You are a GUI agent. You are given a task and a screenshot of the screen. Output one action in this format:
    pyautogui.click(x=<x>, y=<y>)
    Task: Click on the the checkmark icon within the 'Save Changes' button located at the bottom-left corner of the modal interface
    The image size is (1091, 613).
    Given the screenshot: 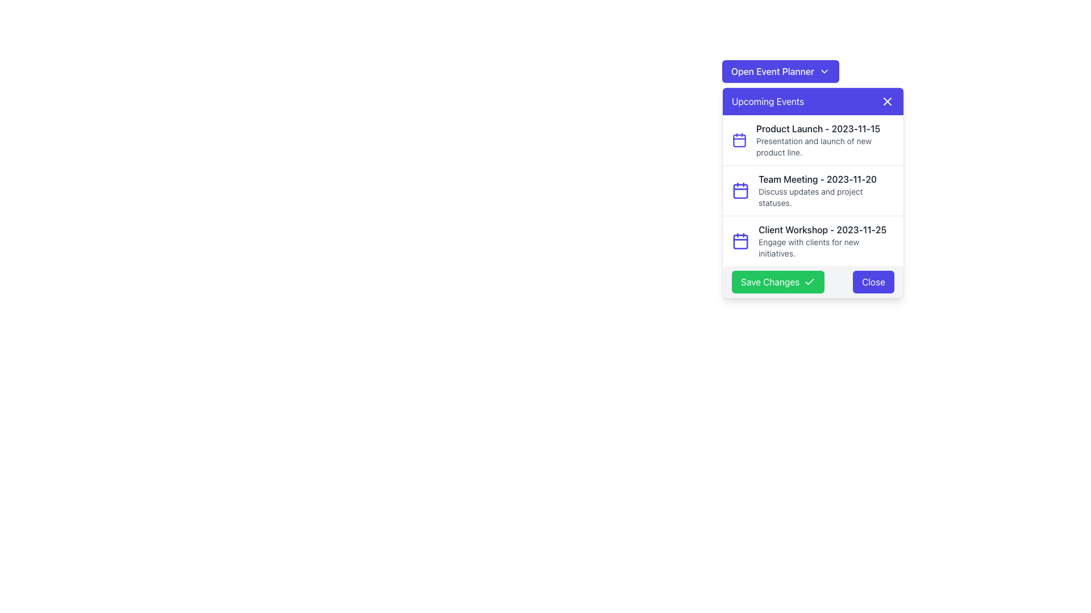 What is the action you would take?
    pyautogui.click(x=809, y=281)
    